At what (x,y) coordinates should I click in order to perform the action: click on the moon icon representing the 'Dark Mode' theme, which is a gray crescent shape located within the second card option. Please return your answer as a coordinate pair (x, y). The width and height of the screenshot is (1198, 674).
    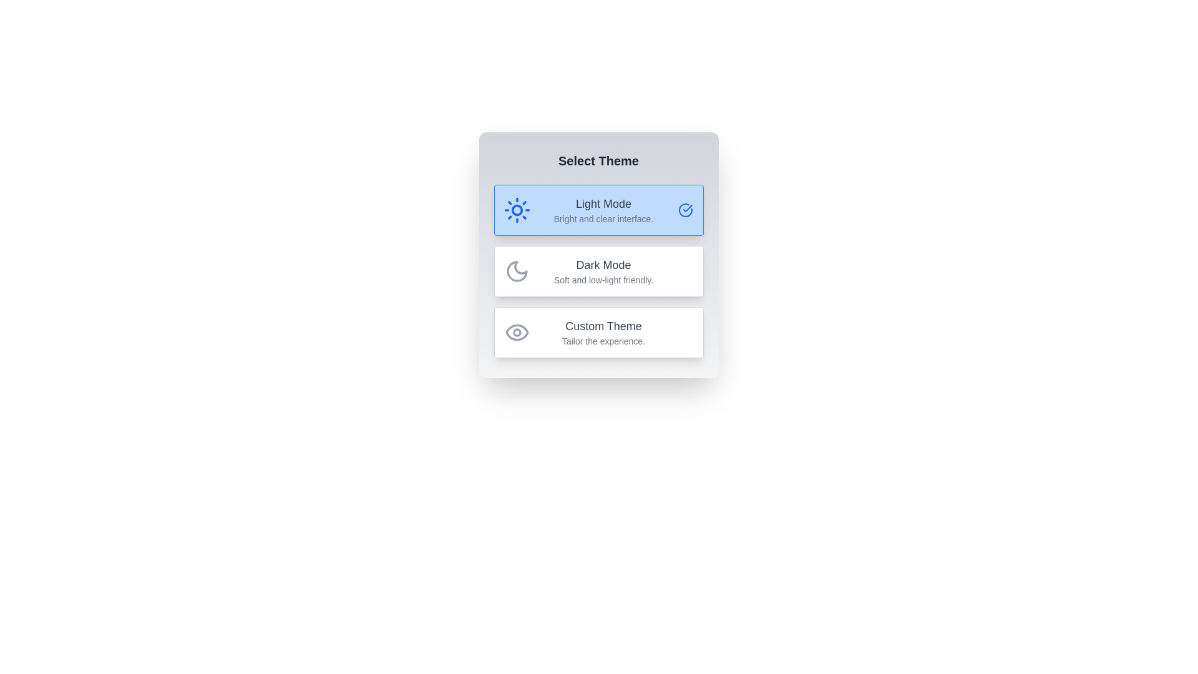
    Looking at the image, I should click on (517, 271).